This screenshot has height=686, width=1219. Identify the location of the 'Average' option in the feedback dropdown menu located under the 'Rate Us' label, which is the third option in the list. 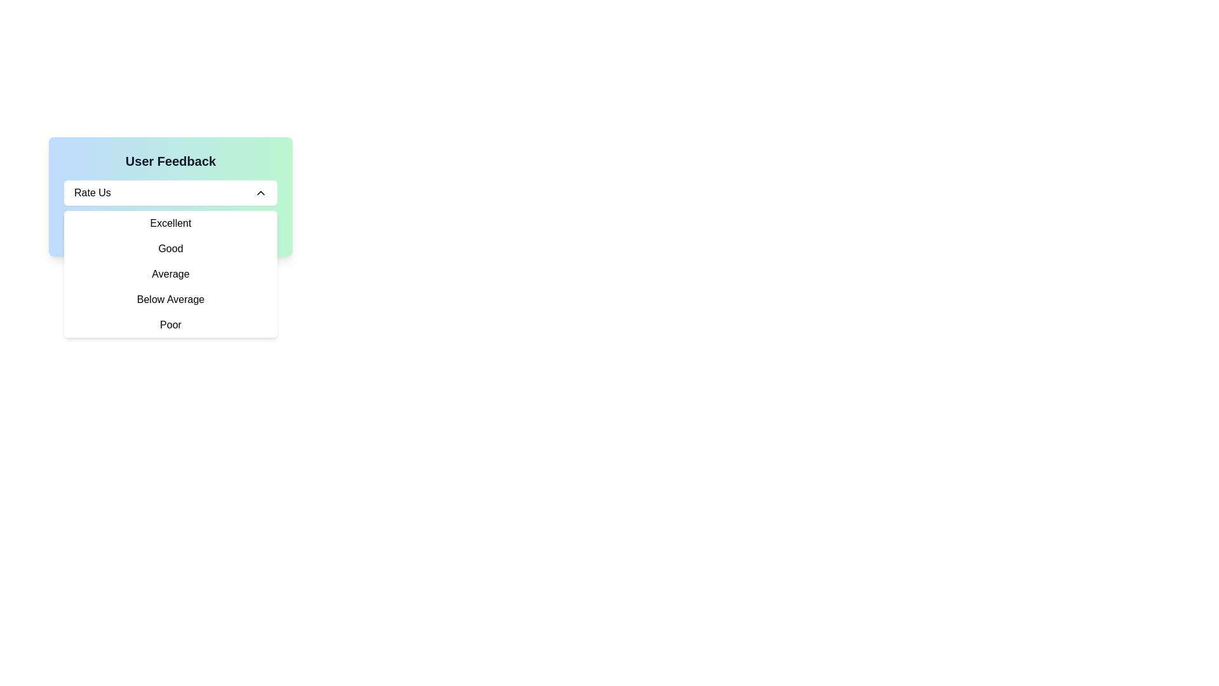
(170, 274).